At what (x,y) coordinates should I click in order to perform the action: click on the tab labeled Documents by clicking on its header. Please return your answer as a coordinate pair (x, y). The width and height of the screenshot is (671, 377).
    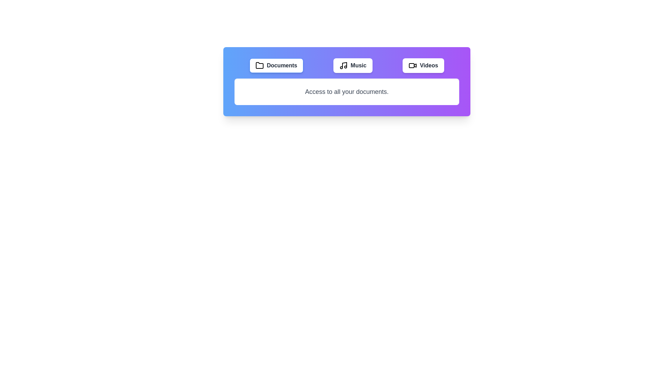
    Looking at the image, I should click on (276, 66).